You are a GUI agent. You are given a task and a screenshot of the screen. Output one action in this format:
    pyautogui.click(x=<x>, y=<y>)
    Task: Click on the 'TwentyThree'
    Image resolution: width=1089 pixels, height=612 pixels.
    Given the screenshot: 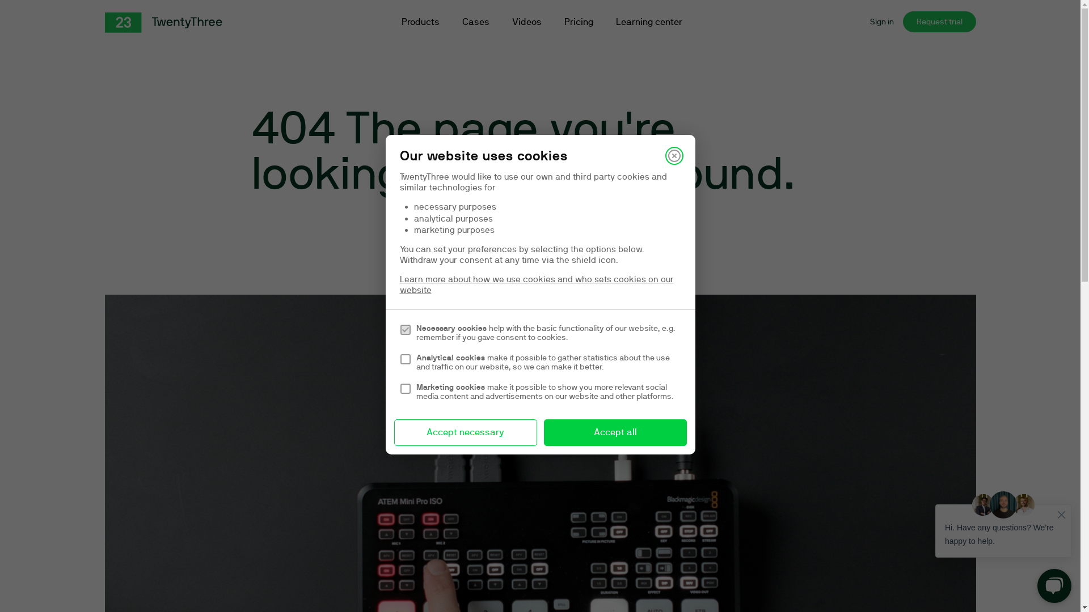 What is the action you would take?
    pyautogui.click(x=163, y=22)
    